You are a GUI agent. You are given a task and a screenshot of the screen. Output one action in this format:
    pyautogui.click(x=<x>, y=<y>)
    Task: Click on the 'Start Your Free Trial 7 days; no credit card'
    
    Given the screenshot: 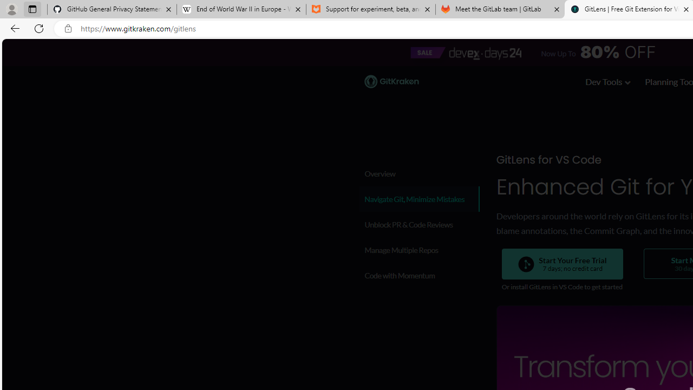 What is the action you would take?
    pyautogui.click(x=562, y=264)
    